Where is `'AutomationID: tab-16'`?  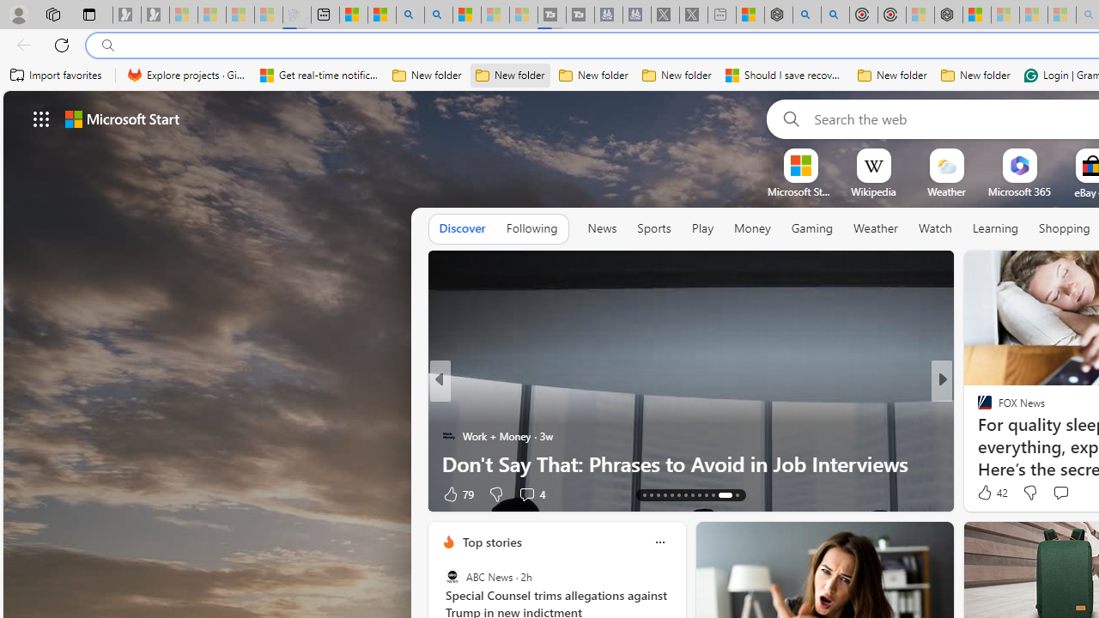
'AutomationID: tab-16' is located at coordinates (665, 495).